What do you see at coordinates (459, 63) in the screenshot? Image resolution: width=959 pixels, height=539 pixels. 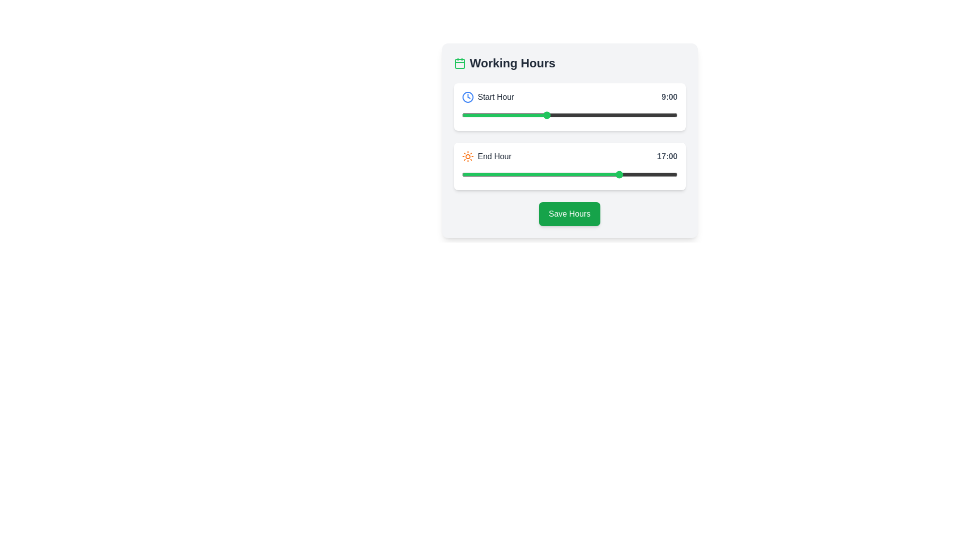 I see `the decorative icon representing scheduling or working hours, which is located immediately to the left of the 'Working Hours' text` at bounding box center [459, 63].